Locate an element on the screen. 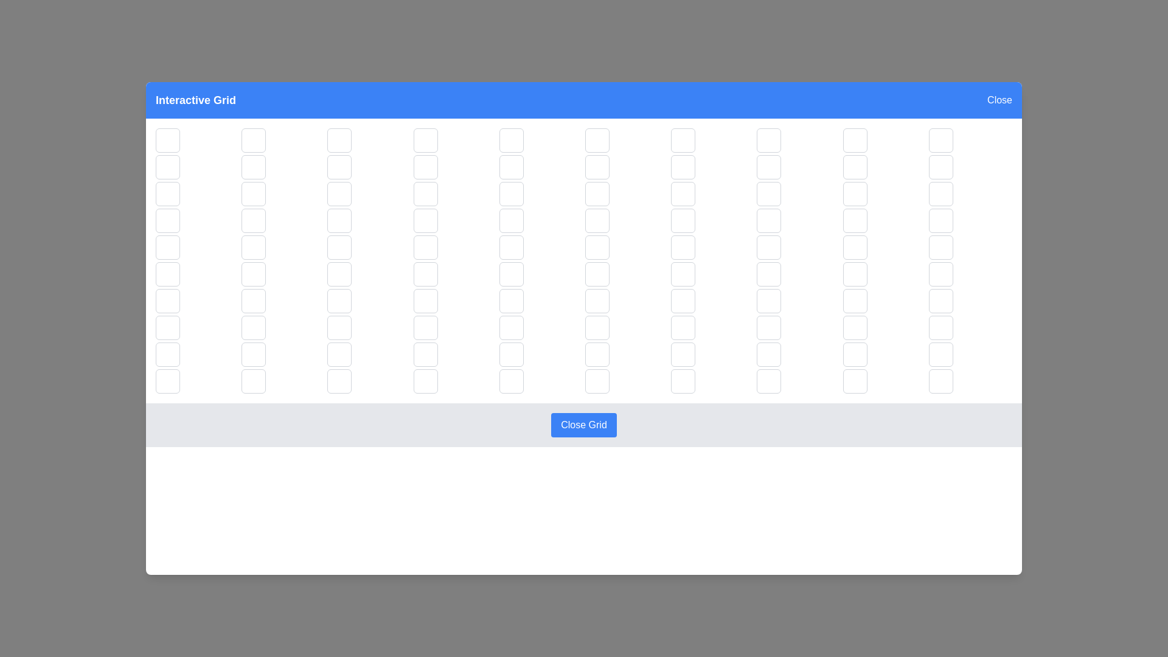 Image resolution: width=1168 pixels, height=657 pixels. the 'Close' button in the header to close the dialog is located at coordinates (999, 100).